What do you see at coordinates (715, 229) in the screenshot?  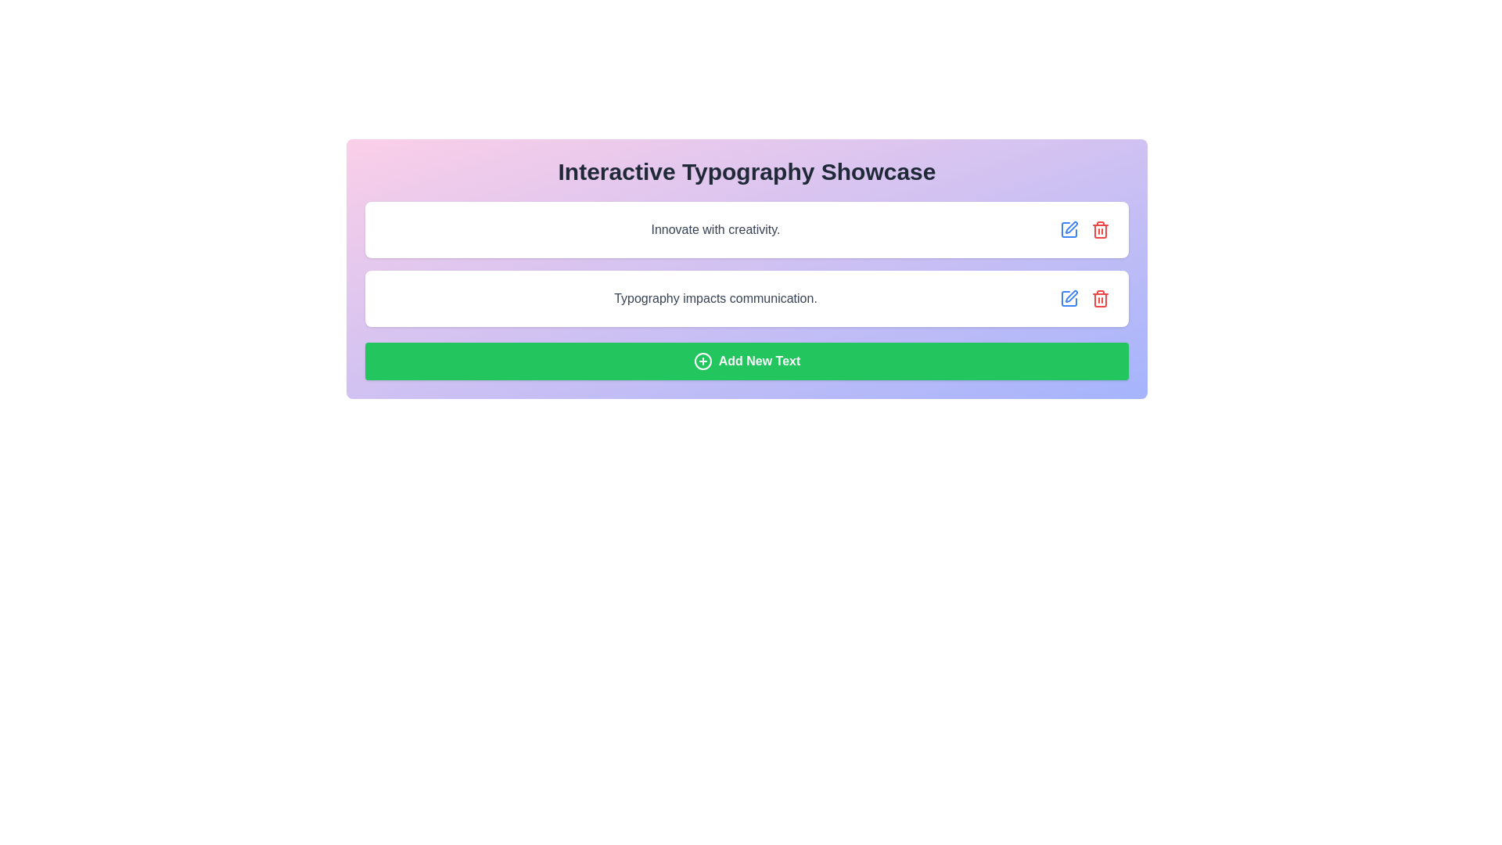 I see `the static display text located in the first box under the title 'Interactive Typography Showcase', which serves as the main text content and is horizontally centered within the box` at bounding box center [715, 229].